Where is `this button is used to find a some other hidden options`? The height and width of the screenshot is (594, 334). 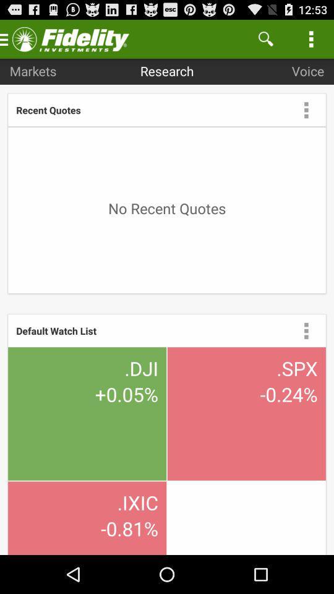 this button is used to find a some other hidden options is located at coordinates (306, 109).